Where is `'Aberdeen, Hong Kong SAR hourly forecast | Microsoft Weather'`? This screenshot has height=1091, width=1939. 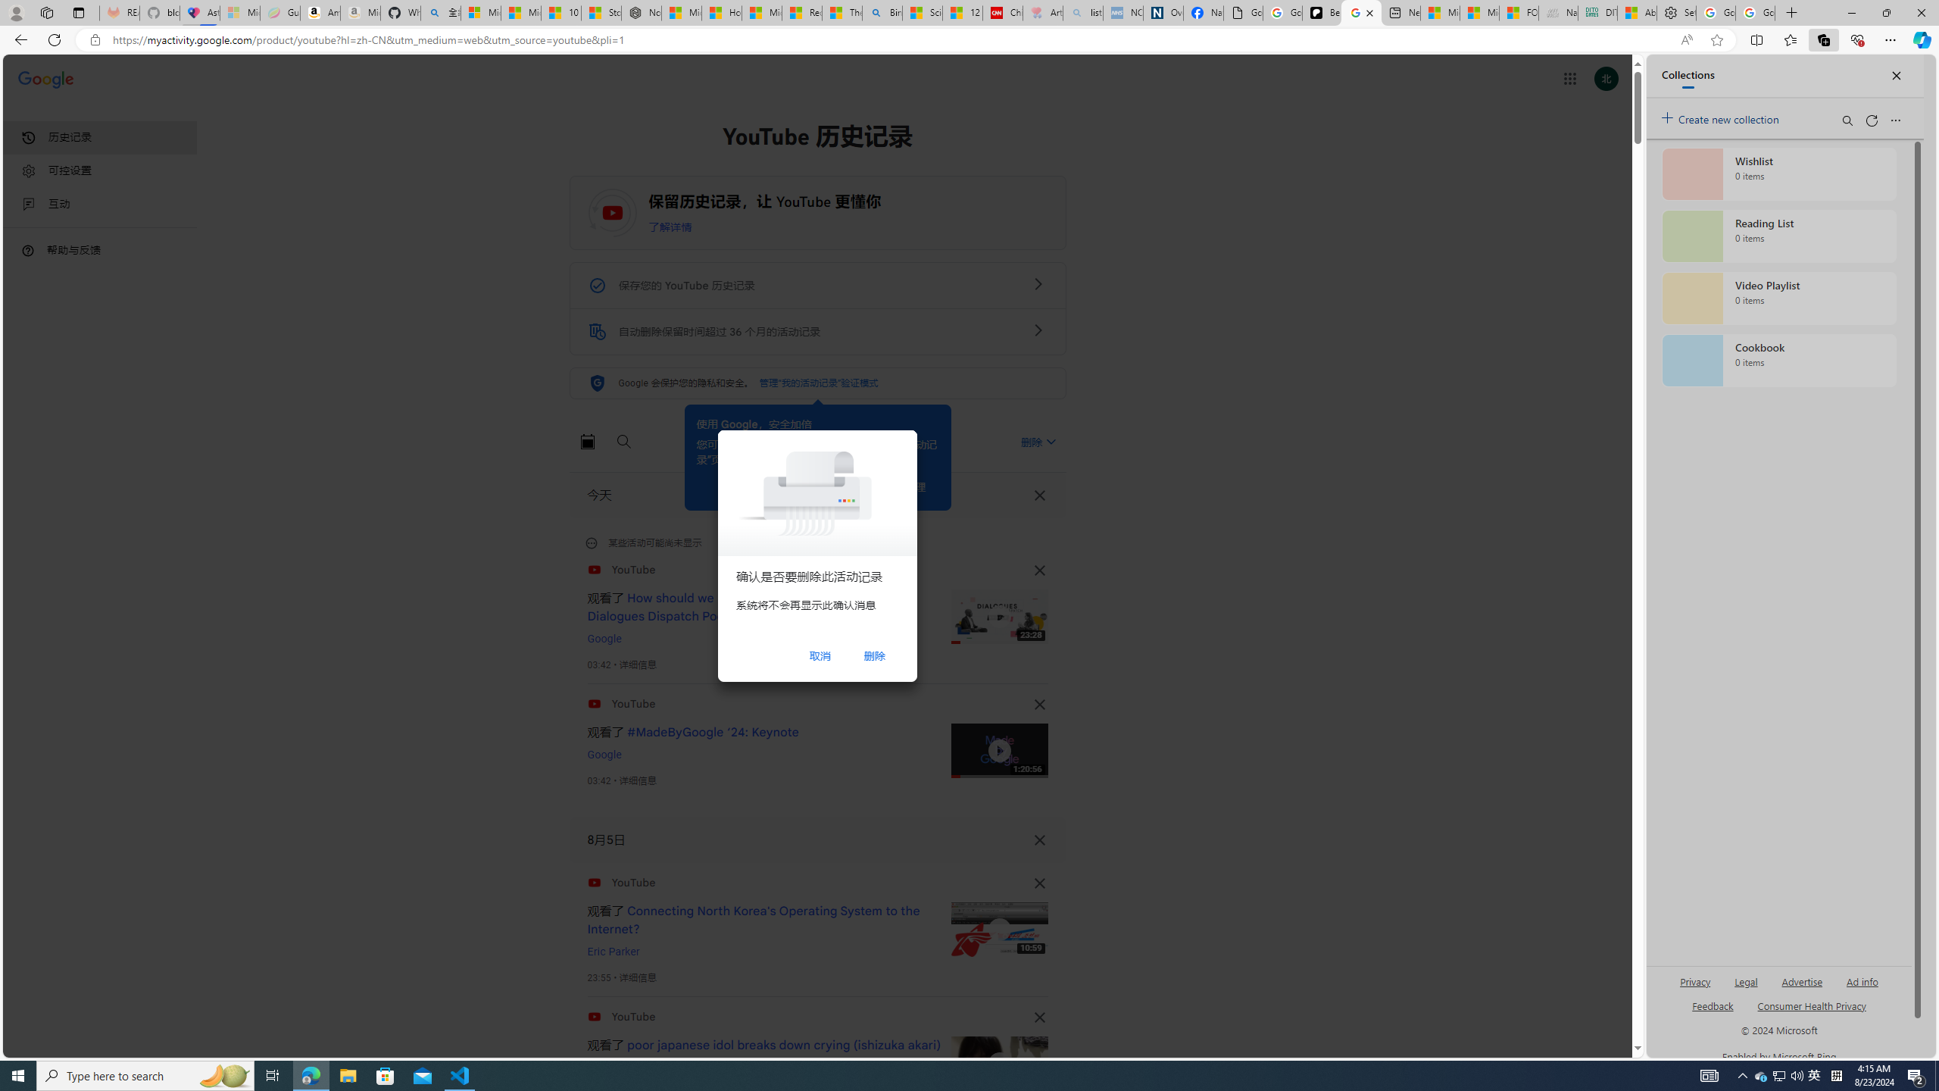
'Aberdeen, Hong Kong SAR hourly forecast | Microsoft Weather' is located at coordinates (1636, 12).